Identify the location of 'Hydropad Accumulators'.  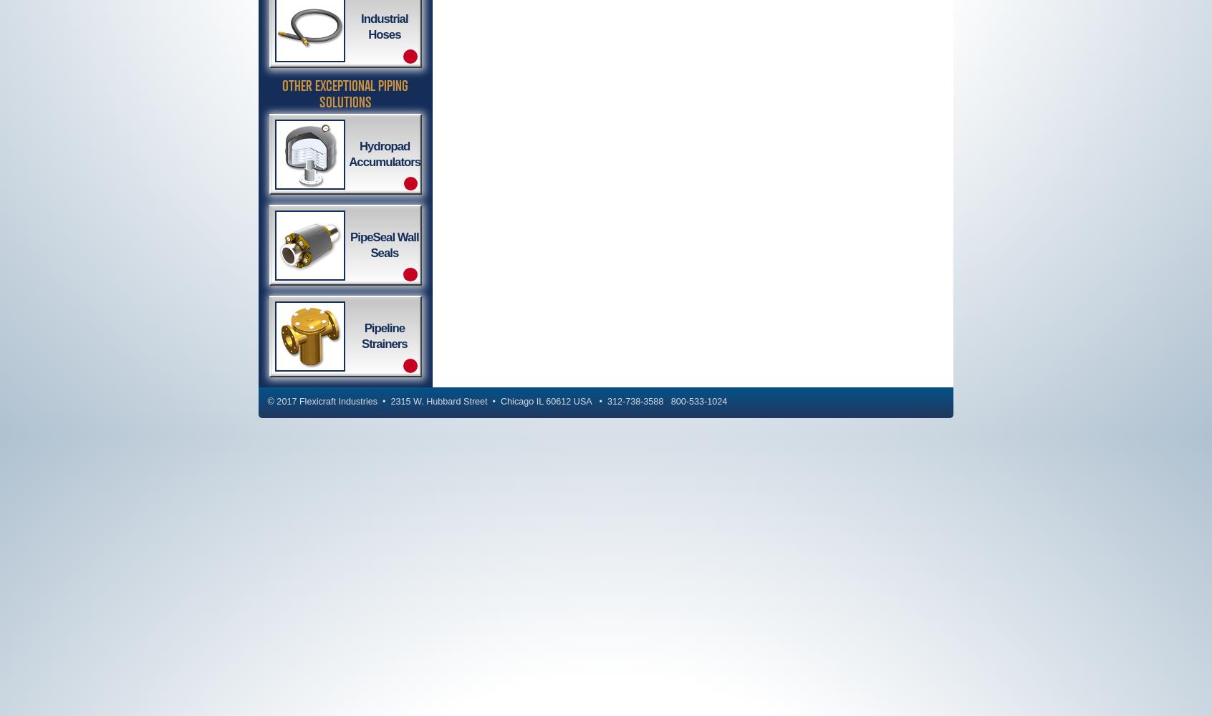
(347, 153).